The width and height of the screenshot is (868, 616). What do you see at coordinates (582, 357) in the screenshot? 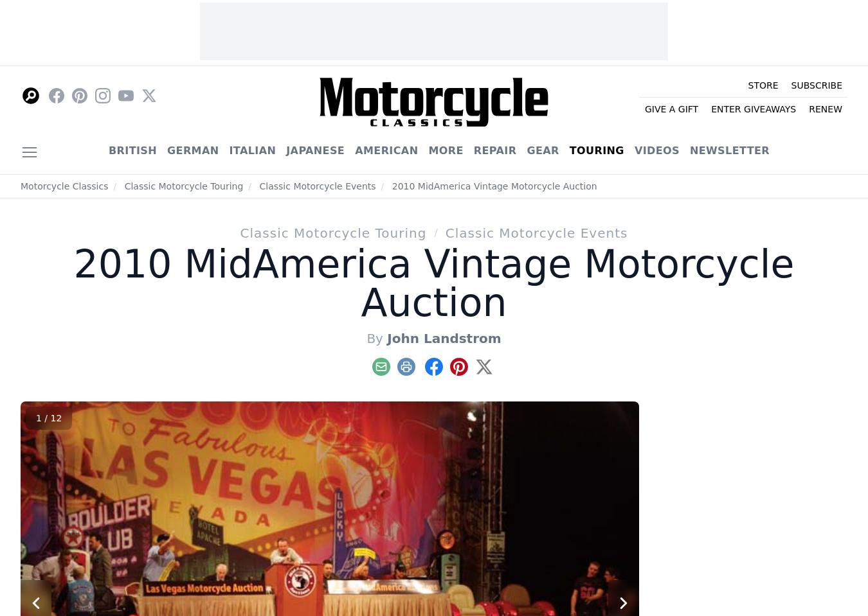
I see `'1-800-880-7567'` at bounding box center [582, 357].